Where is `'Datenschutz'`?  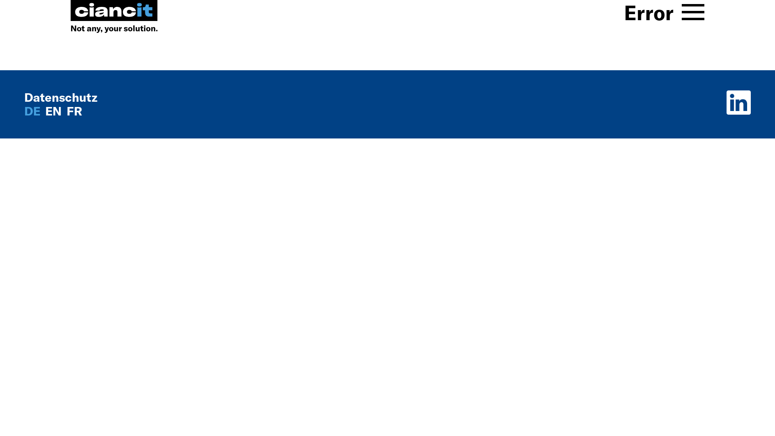 'Datenschutz' is located at coordinates (60, 96).